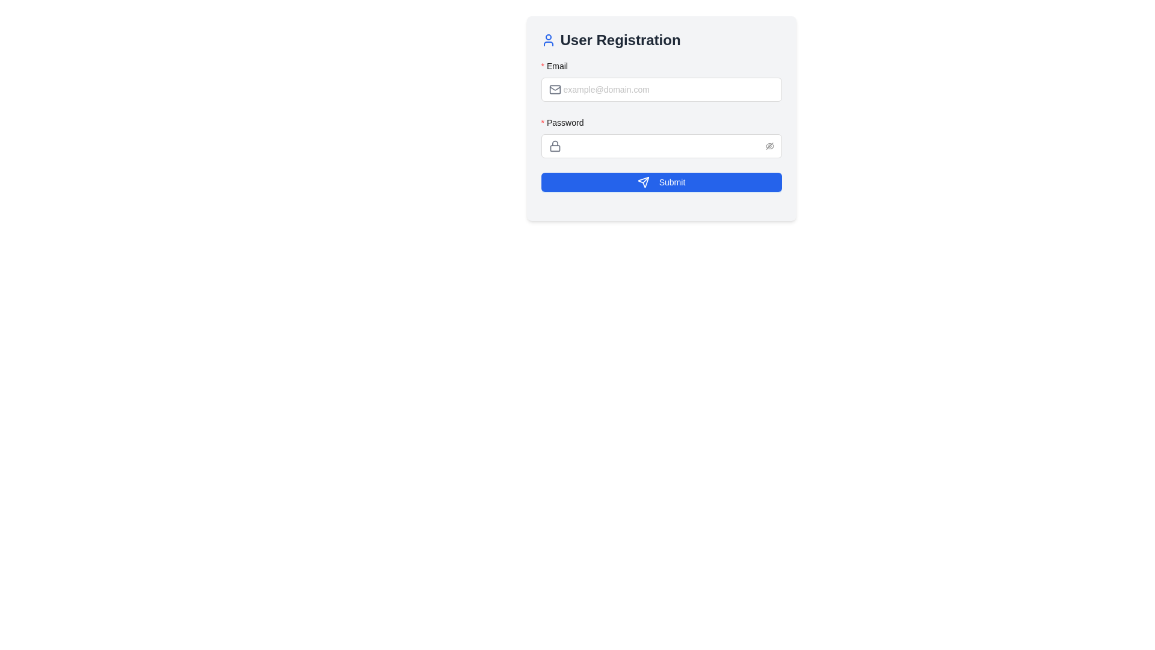  I want to click on text label 'Email' which is prominently displayed in bold font with a red asterisk, indicating a required field, located above the input box for the email address, so click(661, 69).